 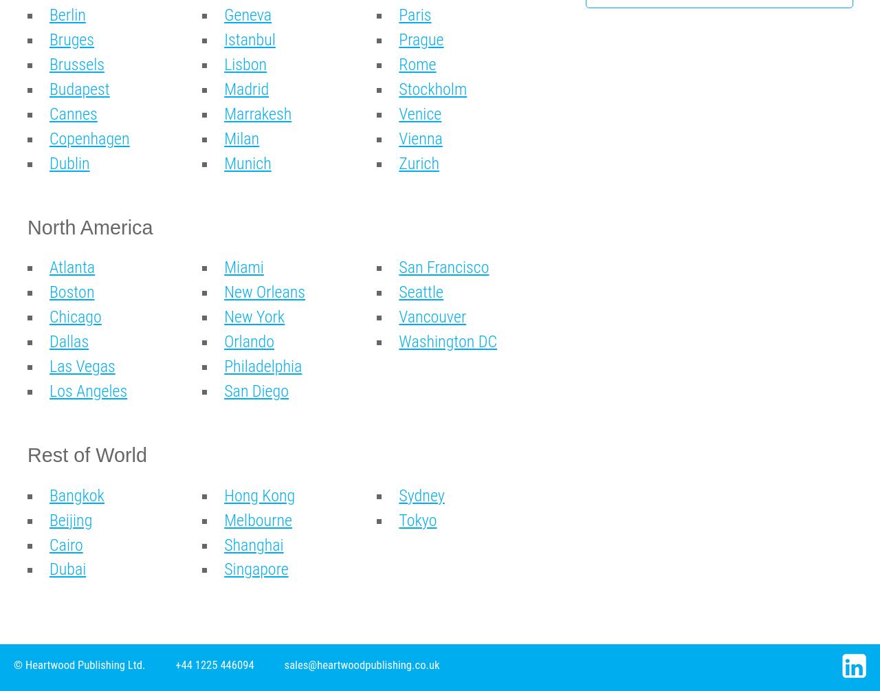 What do you see at coordinates (417, 519) in the screenshot?
I see `'Tokyo'` at bounding box center [417, 519].